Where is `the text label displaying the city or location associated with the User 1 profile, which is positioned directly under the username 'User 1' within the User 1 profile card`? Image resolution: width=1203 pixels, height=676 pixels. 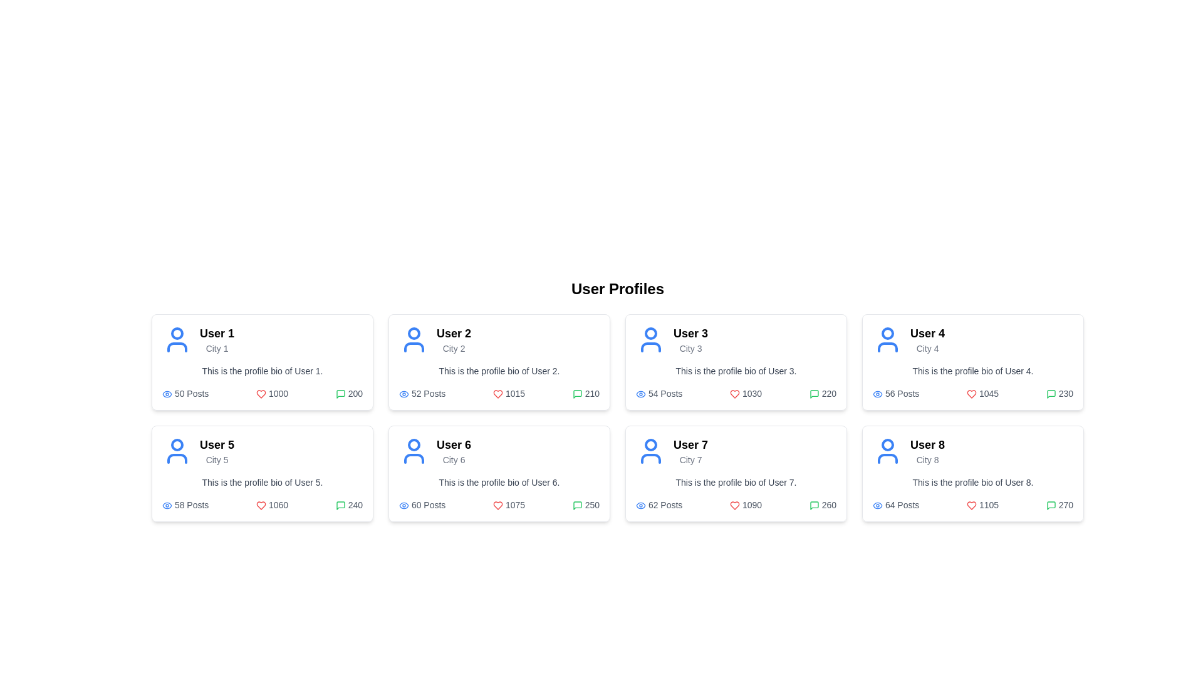 the text label displaying the city or location associated with the User 1 profile, which is positioned directly under the username 'User 1' within the User 1 profile card is located at coordinates (217, 348).